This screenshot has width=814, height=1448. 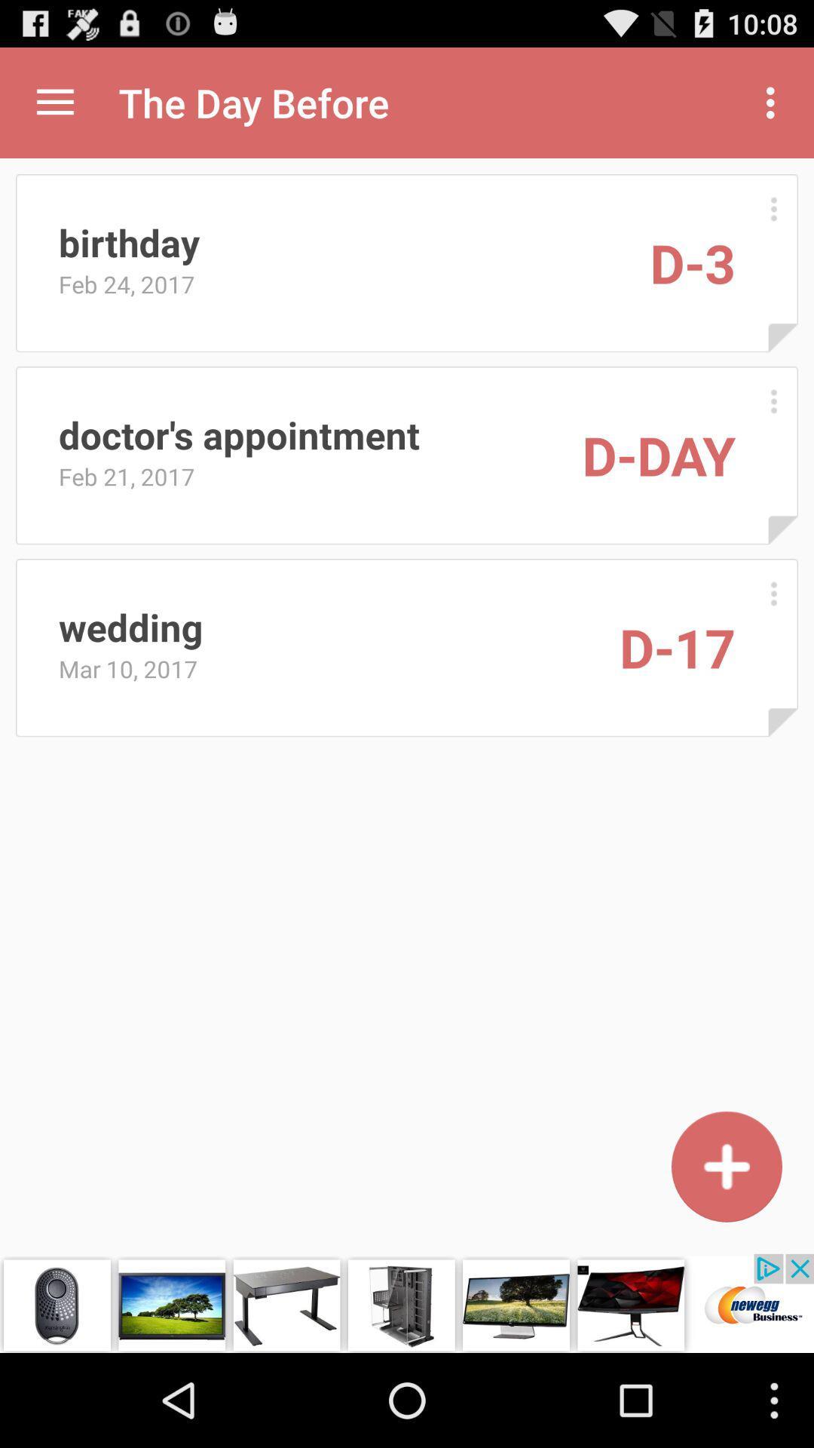 What do you see at coordinates (773, 593) in the screenshot?
I see `more options` at bounding box center [773, 593].